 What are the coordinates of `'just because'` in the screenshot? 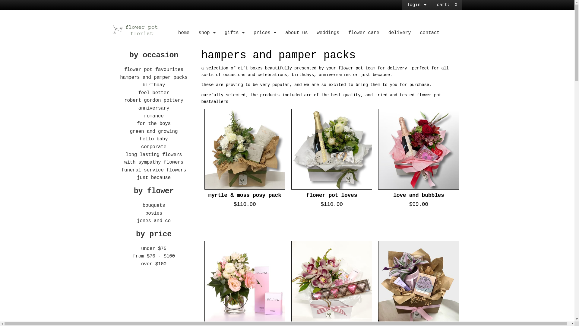 It's located at (153, 177).